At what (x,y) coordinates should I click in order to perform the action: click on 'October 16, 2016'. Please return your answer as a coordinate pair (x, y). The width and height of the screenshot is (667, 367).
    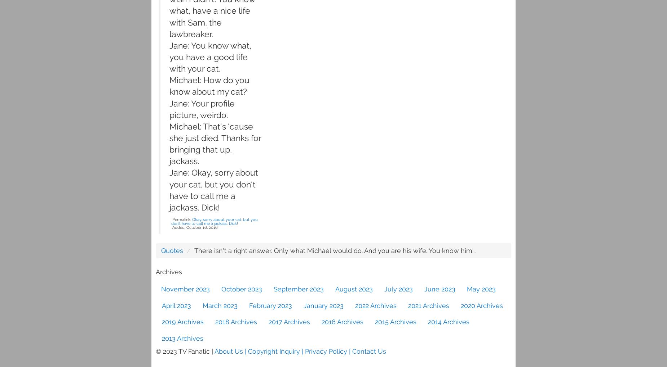
    Looking at the image, I should click on (202, 227).